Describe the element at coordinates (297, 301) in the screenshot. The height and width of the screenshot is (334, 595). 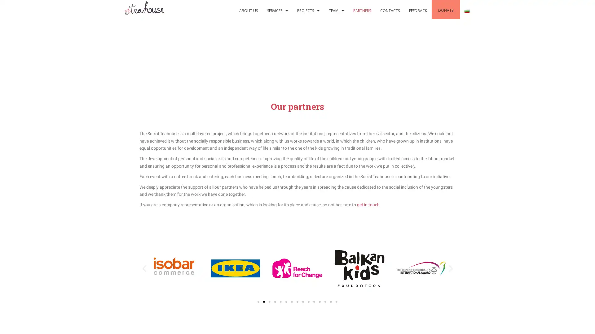
I see `Go to slide 8` at that location.